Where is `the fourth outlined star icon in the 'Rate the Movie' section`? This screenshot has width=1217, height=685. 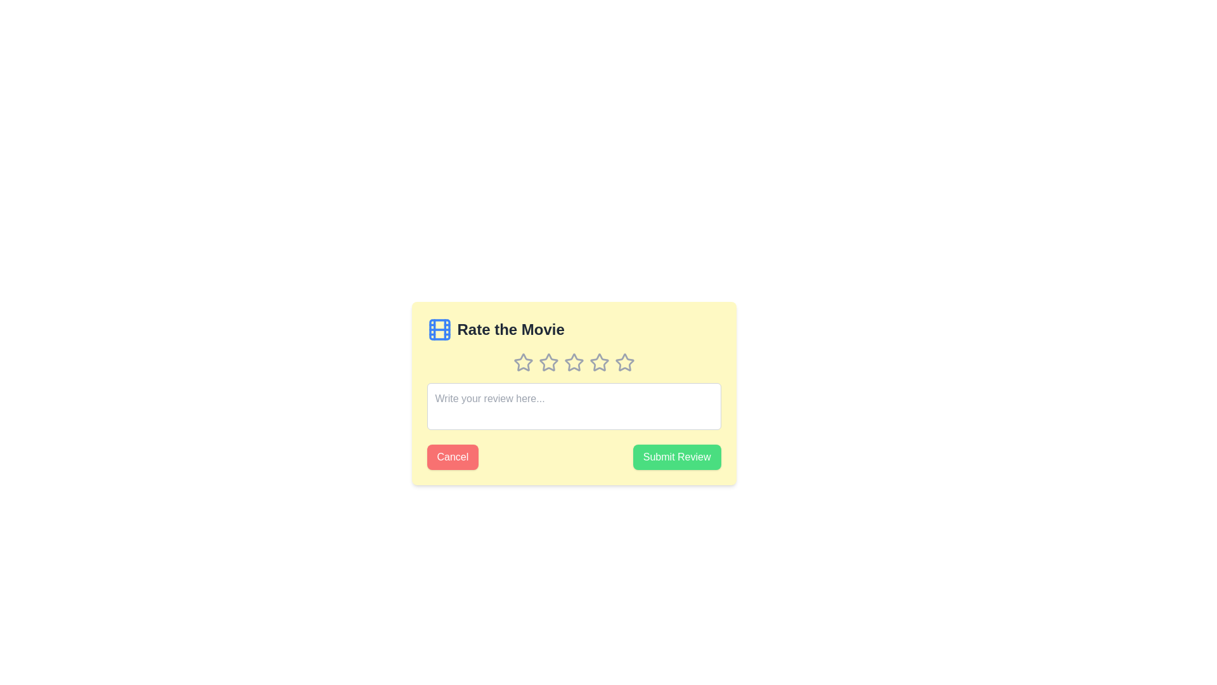
the fourth outlined star icon in the 'Rate the Movie' section is located at coordinates (598, 362).